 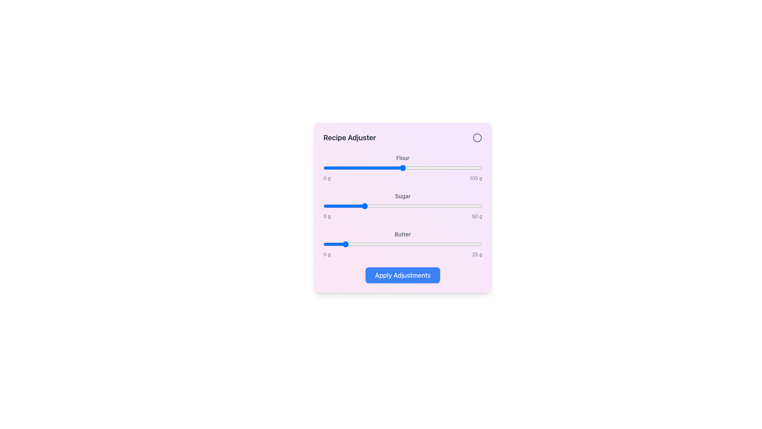 I want to click on the 'Flour' slider, so click(x=402, y=166).